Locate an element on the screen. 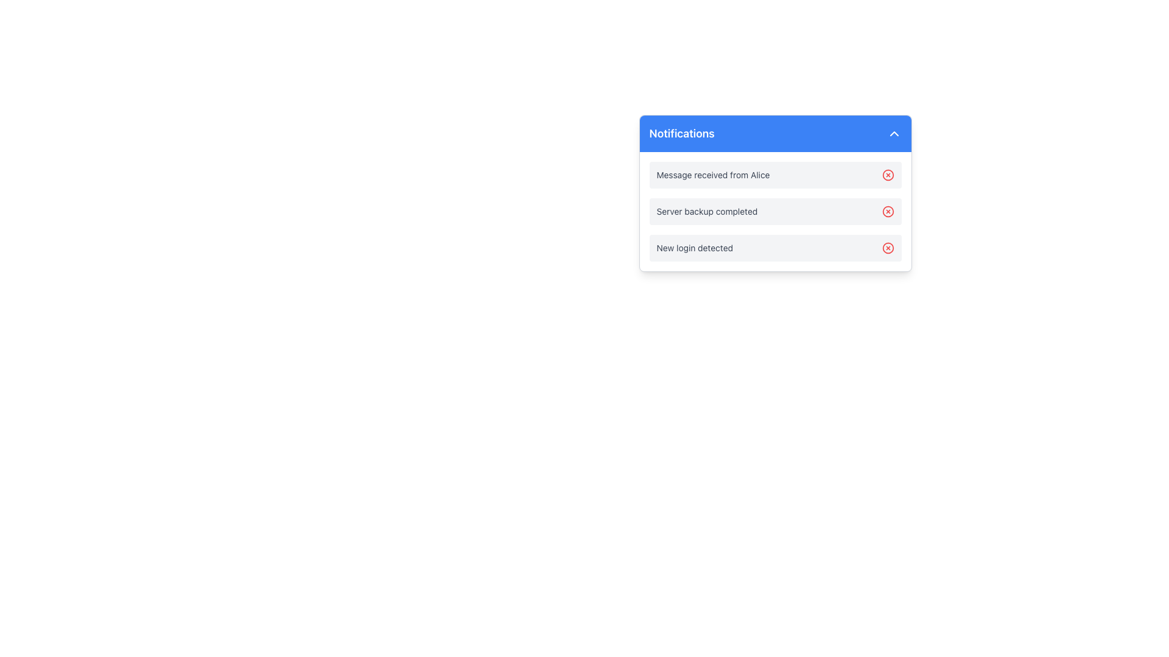 The image size is (1169, 657). the static text content that describes a message received from Alice, which is the primary content of the first notification in a vertical list is located at coordinates (713, 175).